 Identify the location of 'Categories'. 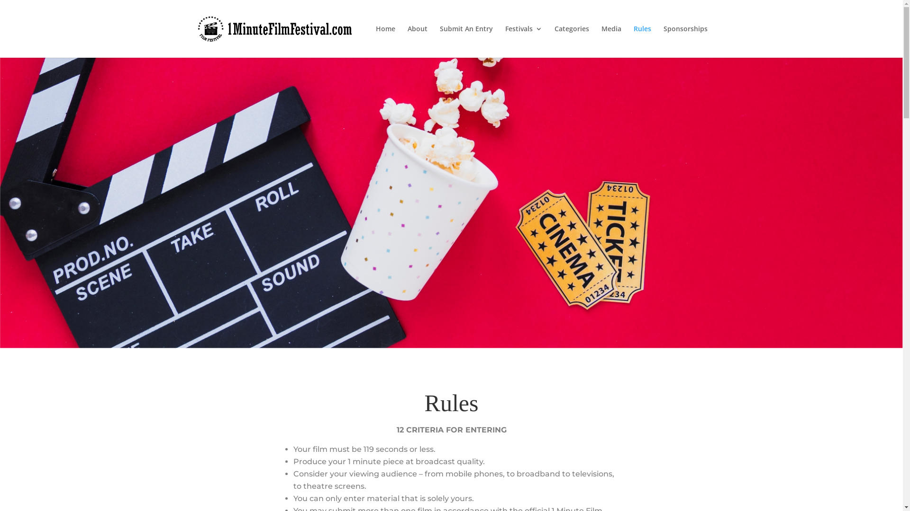
(571, 41).